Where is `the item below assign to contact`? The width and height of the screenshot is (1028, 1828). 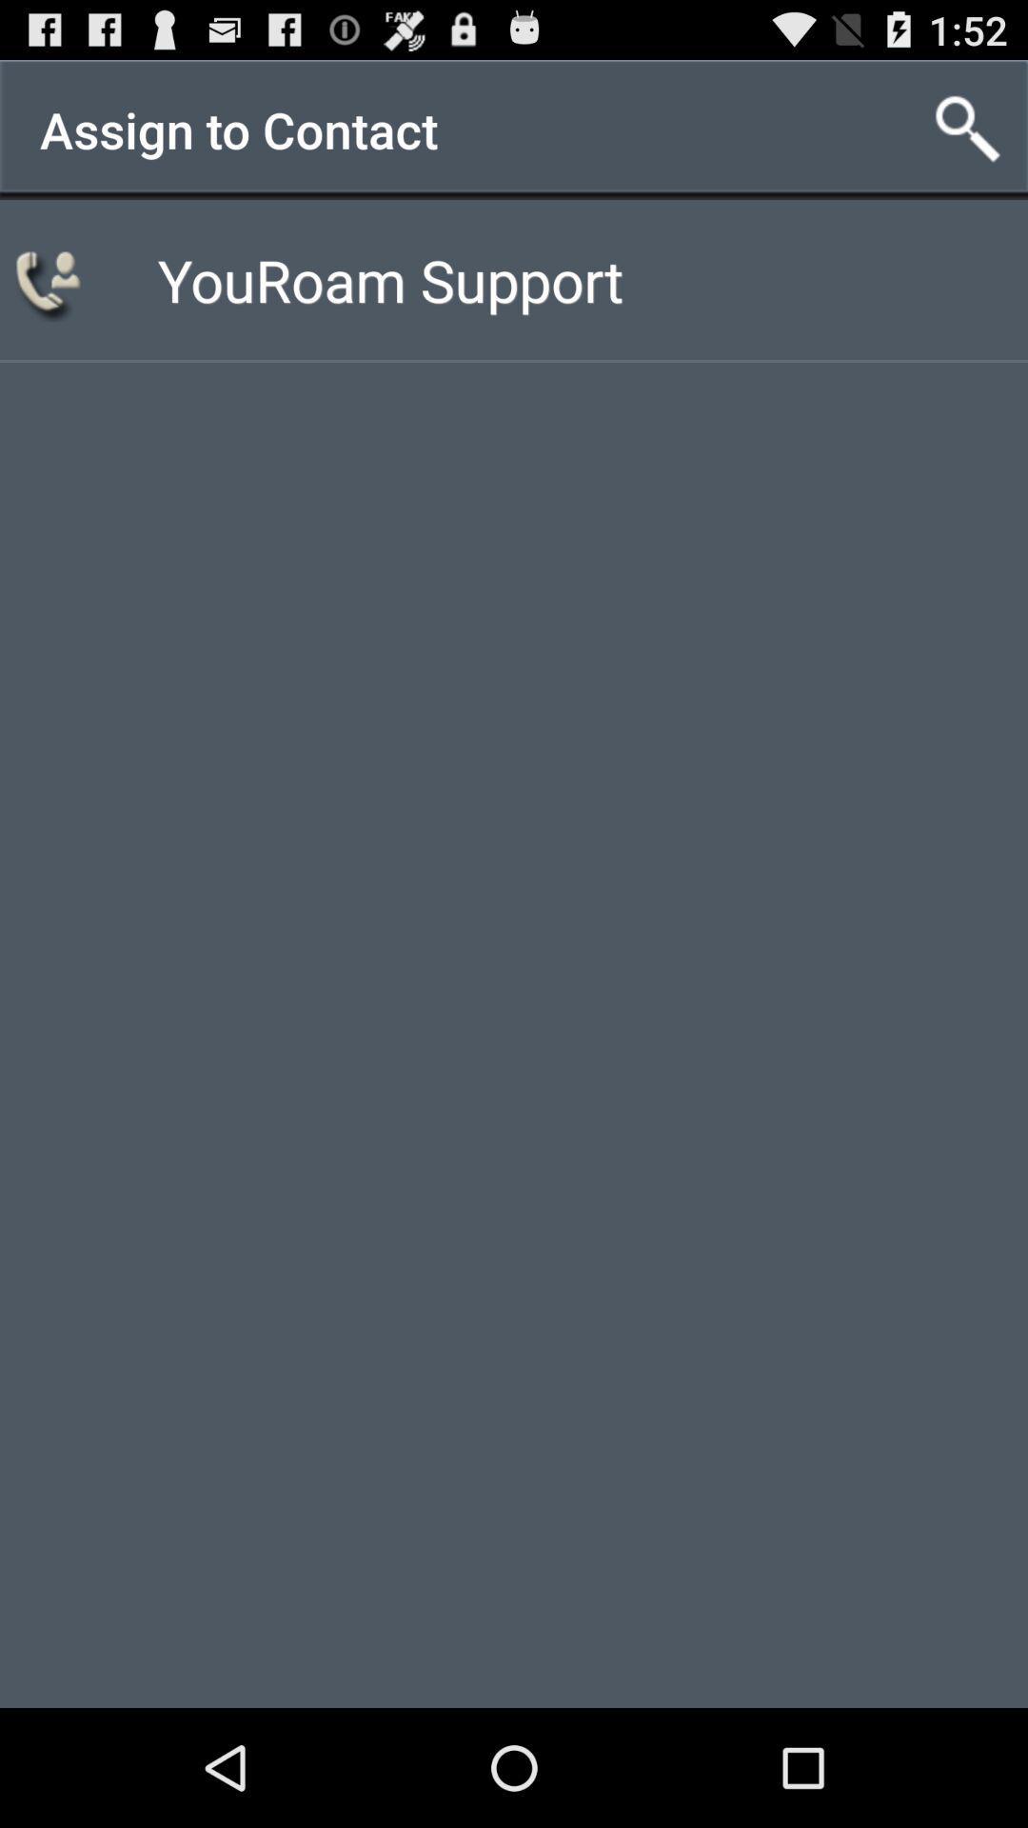
the item below assign to contact is located at coordinates (50, 278).